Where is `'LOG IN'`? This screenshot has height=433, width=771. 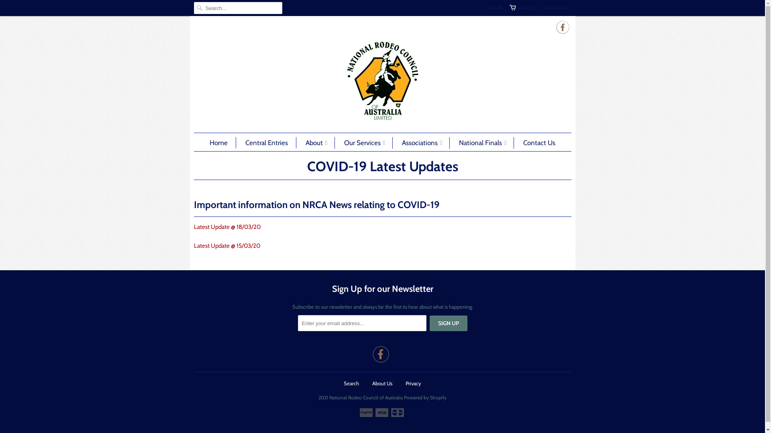 'LOG IN' is located at coordinates (494, 8).